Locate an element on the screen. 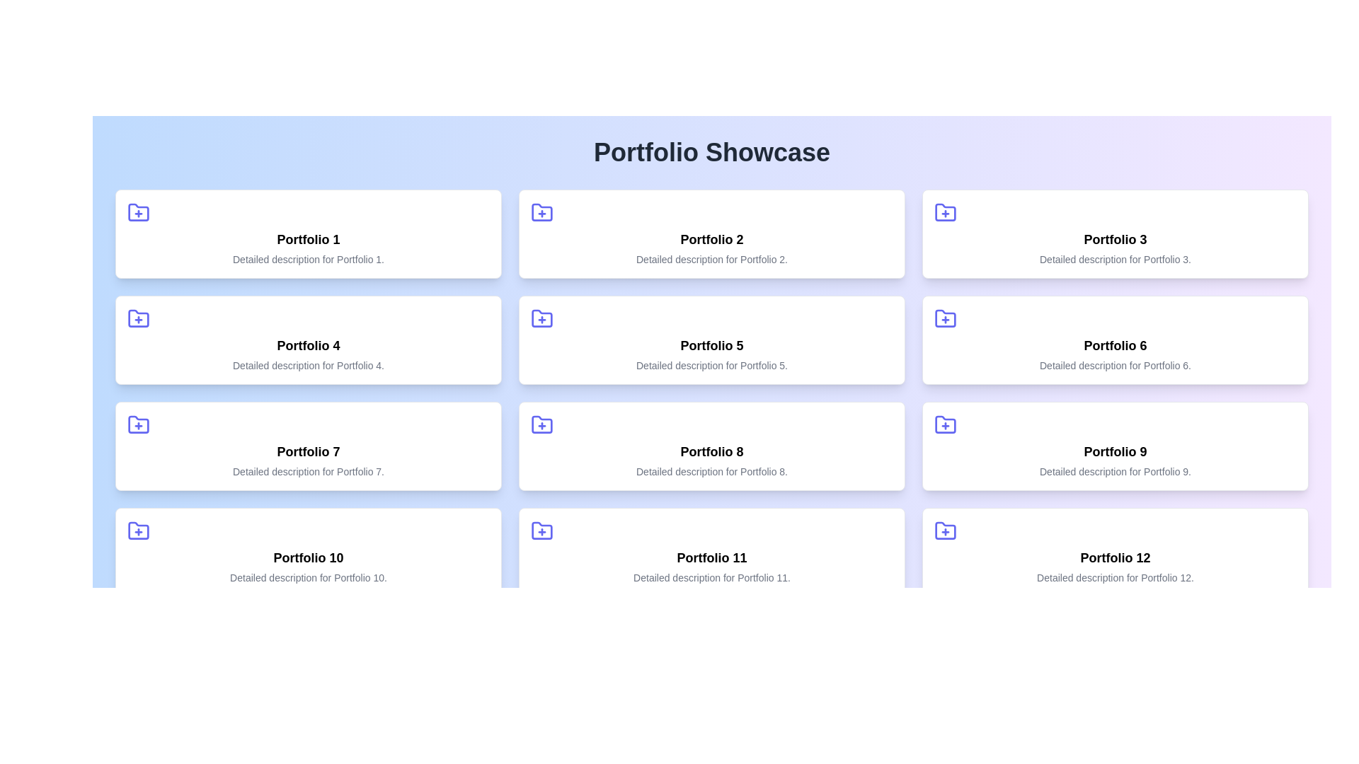  the title text element located at the top of the page, which indicates the page content and purpose is located at coordinates (712, 153).